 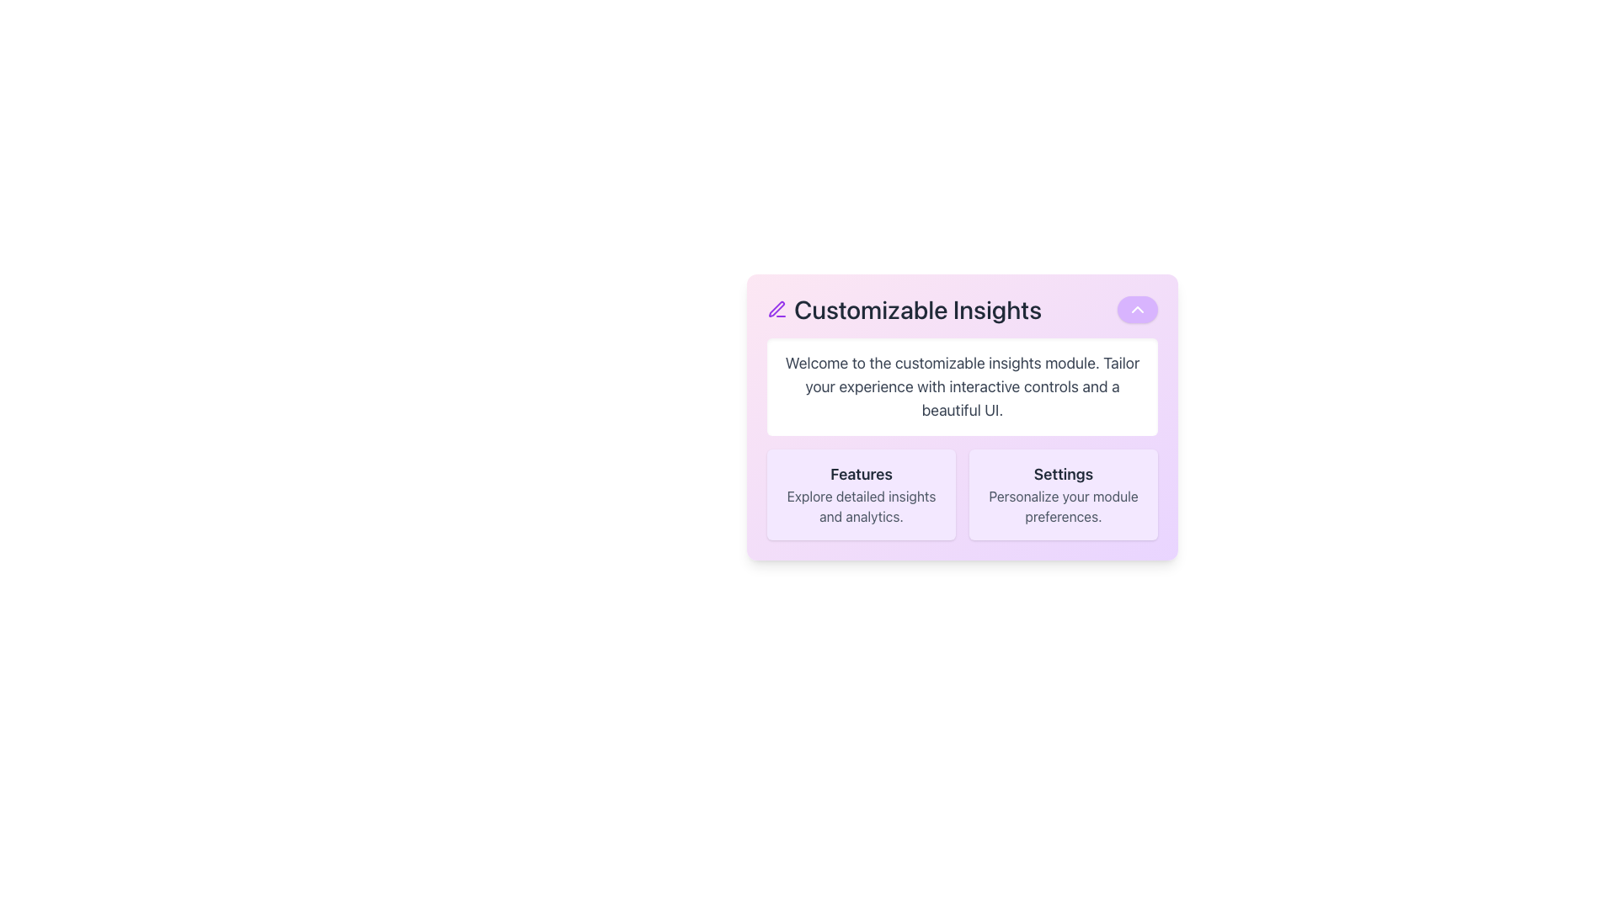 What do you see at coordinates (861, 505) in the screenshot?
I see `the text label displaying 'Explore detailed insights and analytics.' which is positioned below the 'Features' header in the purple box` at bounding box center [861, 505].